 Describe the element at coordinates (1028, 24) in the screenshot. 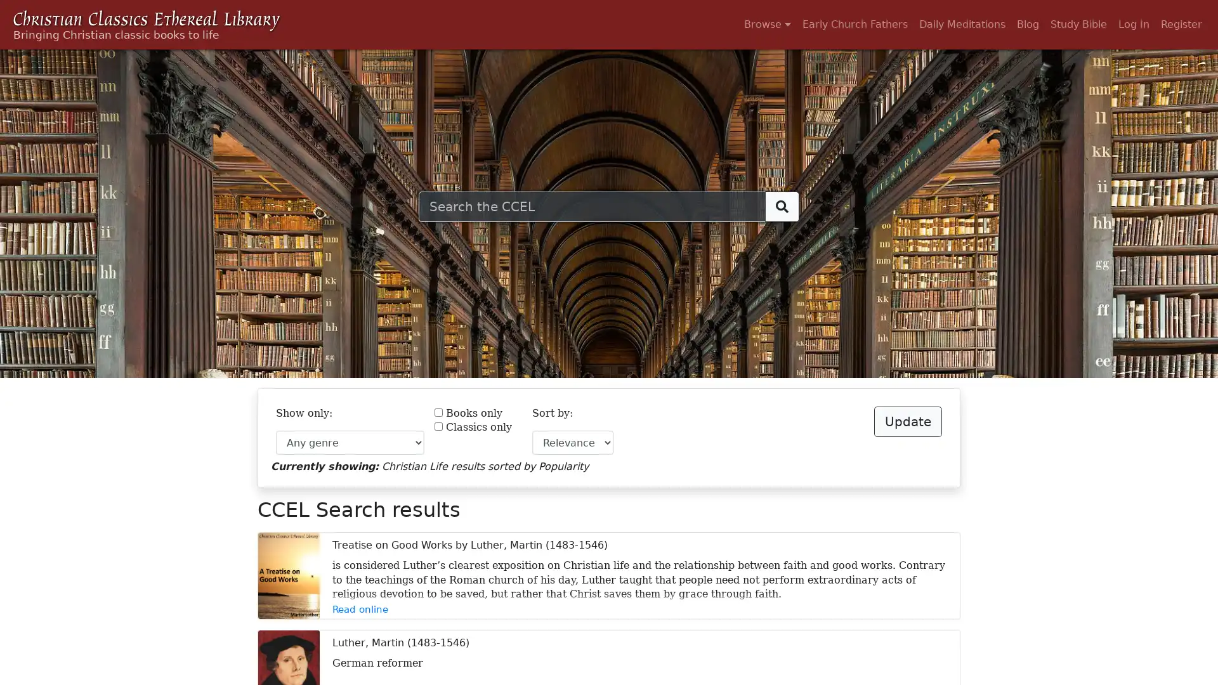

I see `Blog` at that location.